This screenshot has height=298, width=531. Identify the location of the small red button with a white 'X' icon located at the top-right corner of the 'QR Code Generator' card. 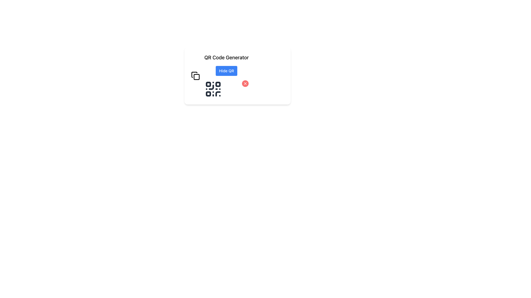
(245, 84).